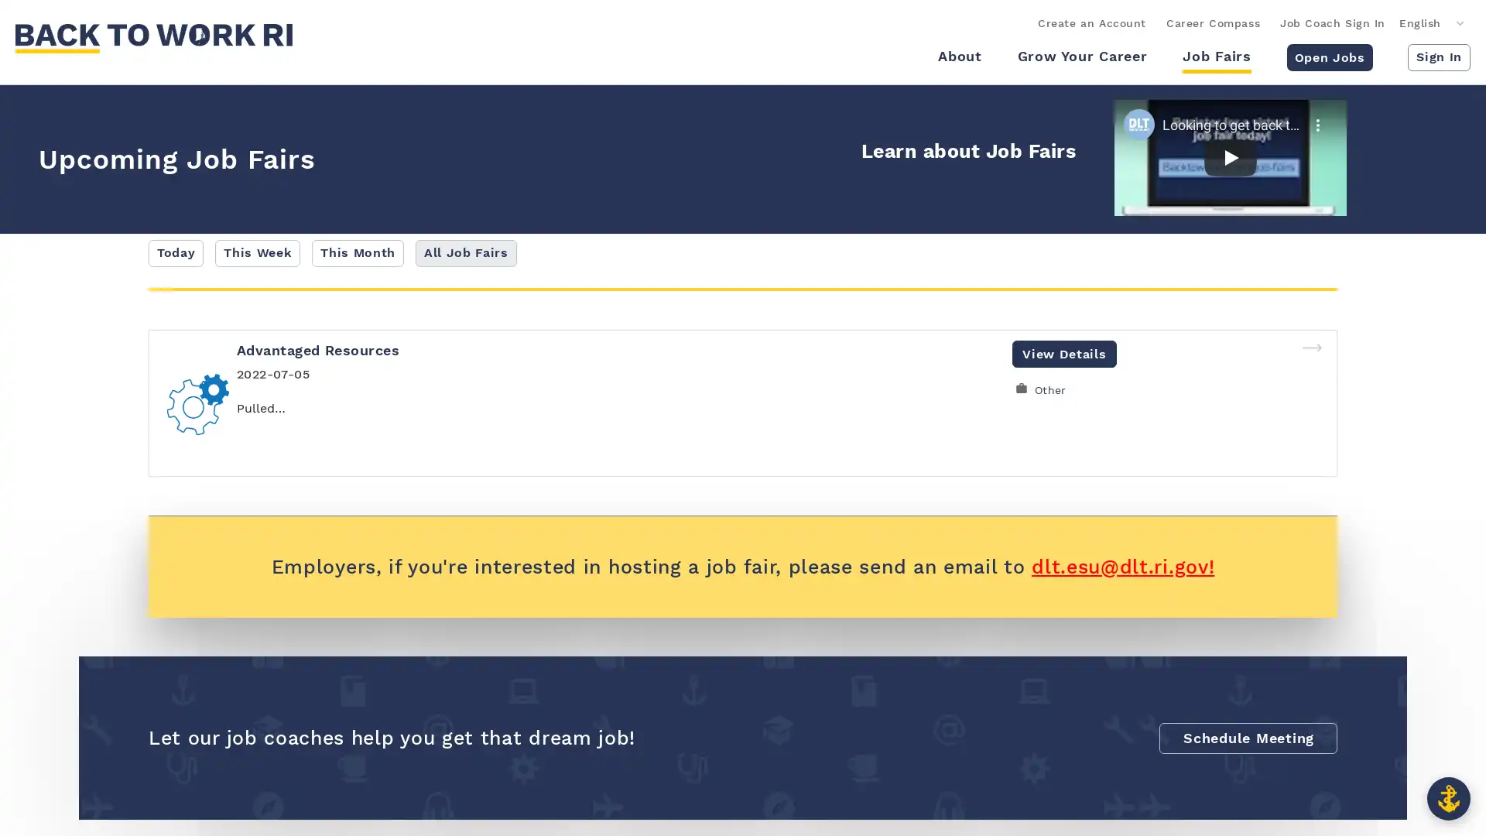 This screenshot has height=836, width=1486. Describe the element at coordinates (1328, 56) in the screenshot. I see `Open Jobs` at that location.